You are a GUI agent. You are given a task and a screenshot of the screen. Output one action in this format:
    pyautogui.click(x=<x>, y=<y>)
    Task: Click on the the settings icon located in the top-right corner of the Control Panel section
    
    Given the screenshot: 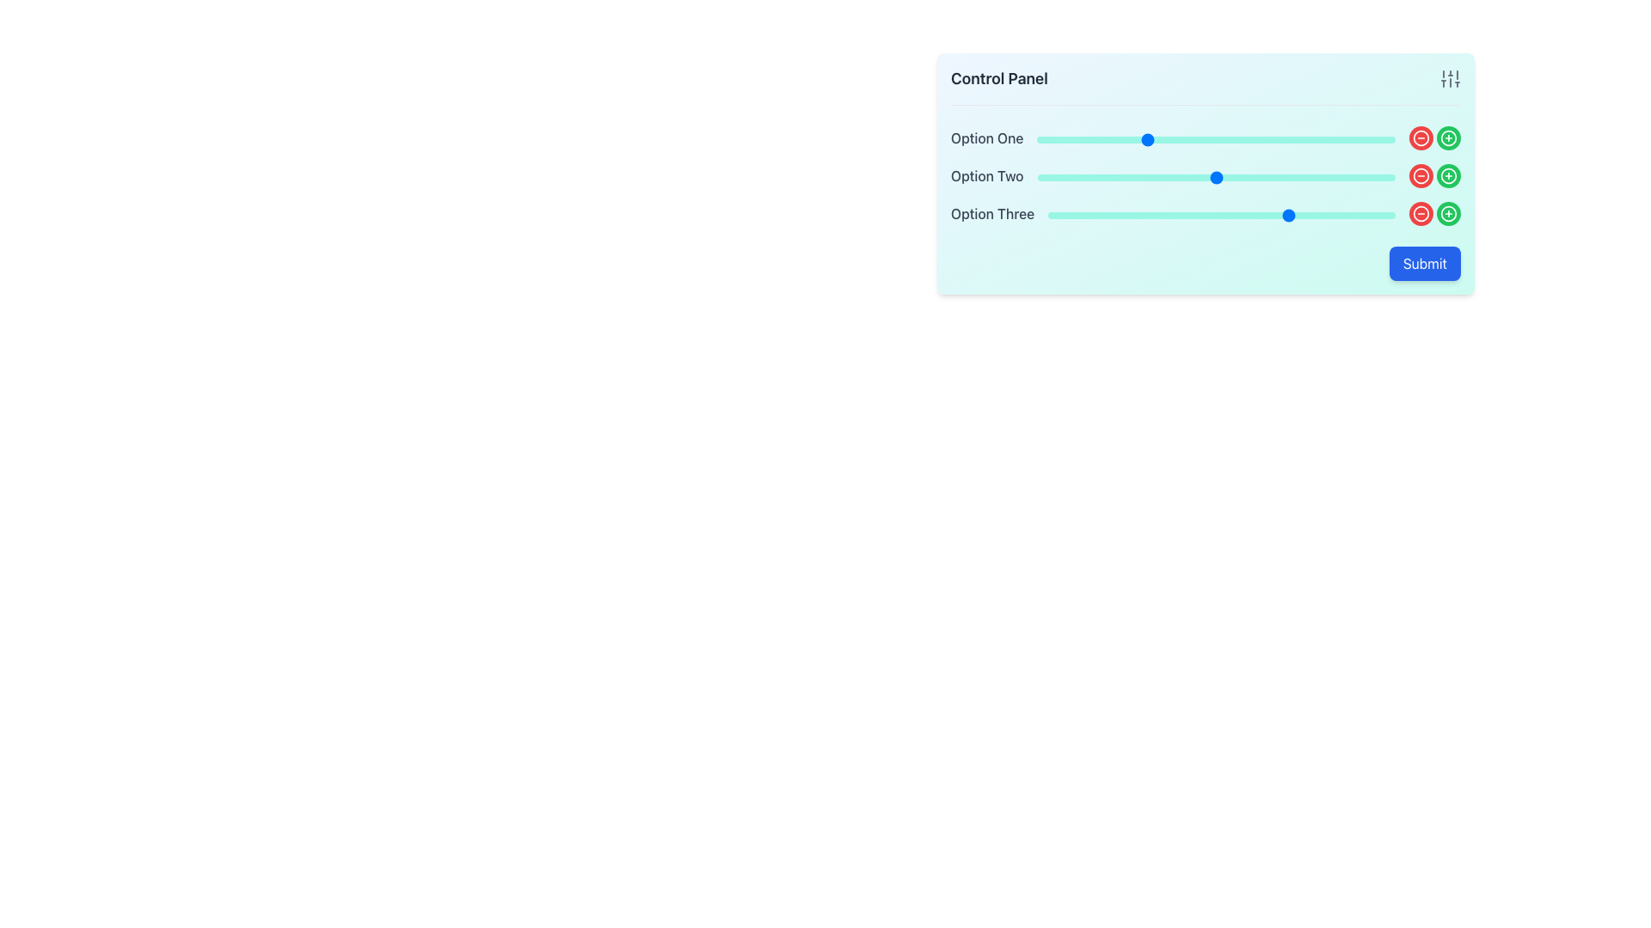 What is the action you would take?
    pyautogui.click(x=1449, y=79)
    